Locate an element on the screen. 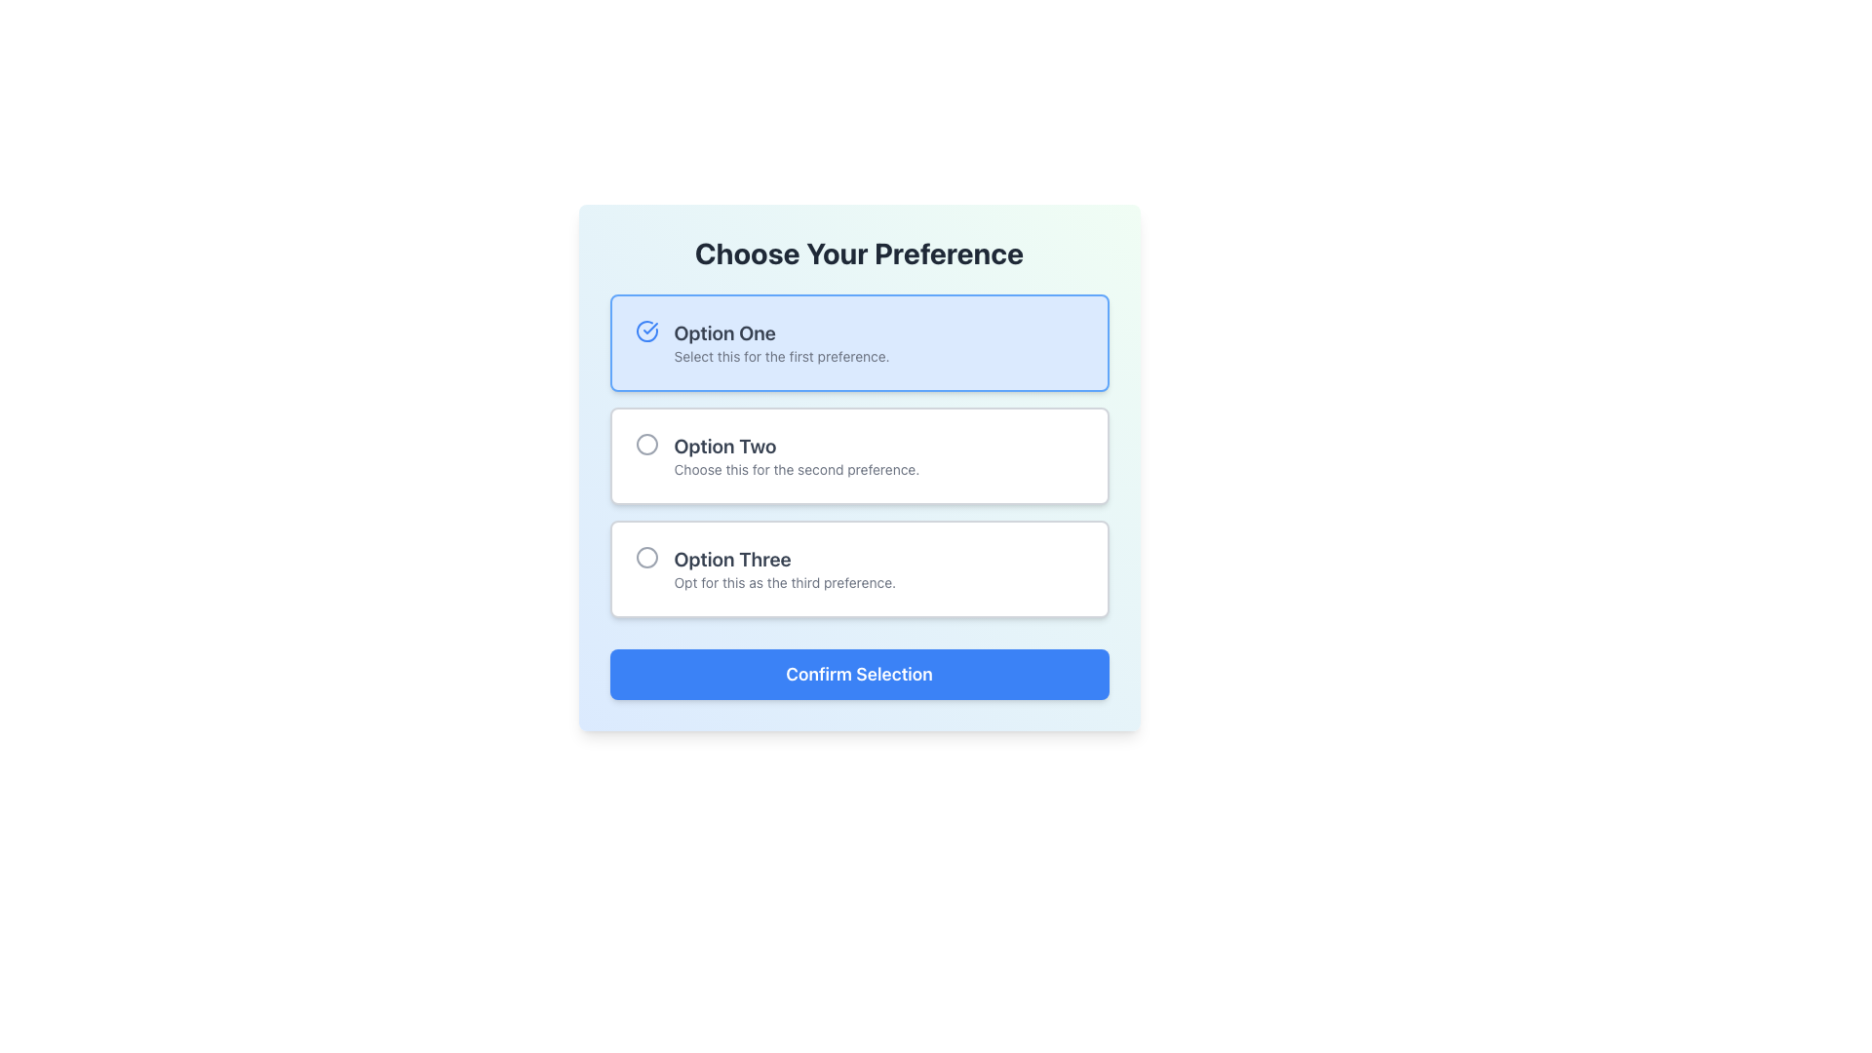 This screenshot has height=1053, width=1872. the highlighted radio button option labeled 'Option Two' in the radio button group titled 'Choose Your Preference' is located at coordinates (858, 455).